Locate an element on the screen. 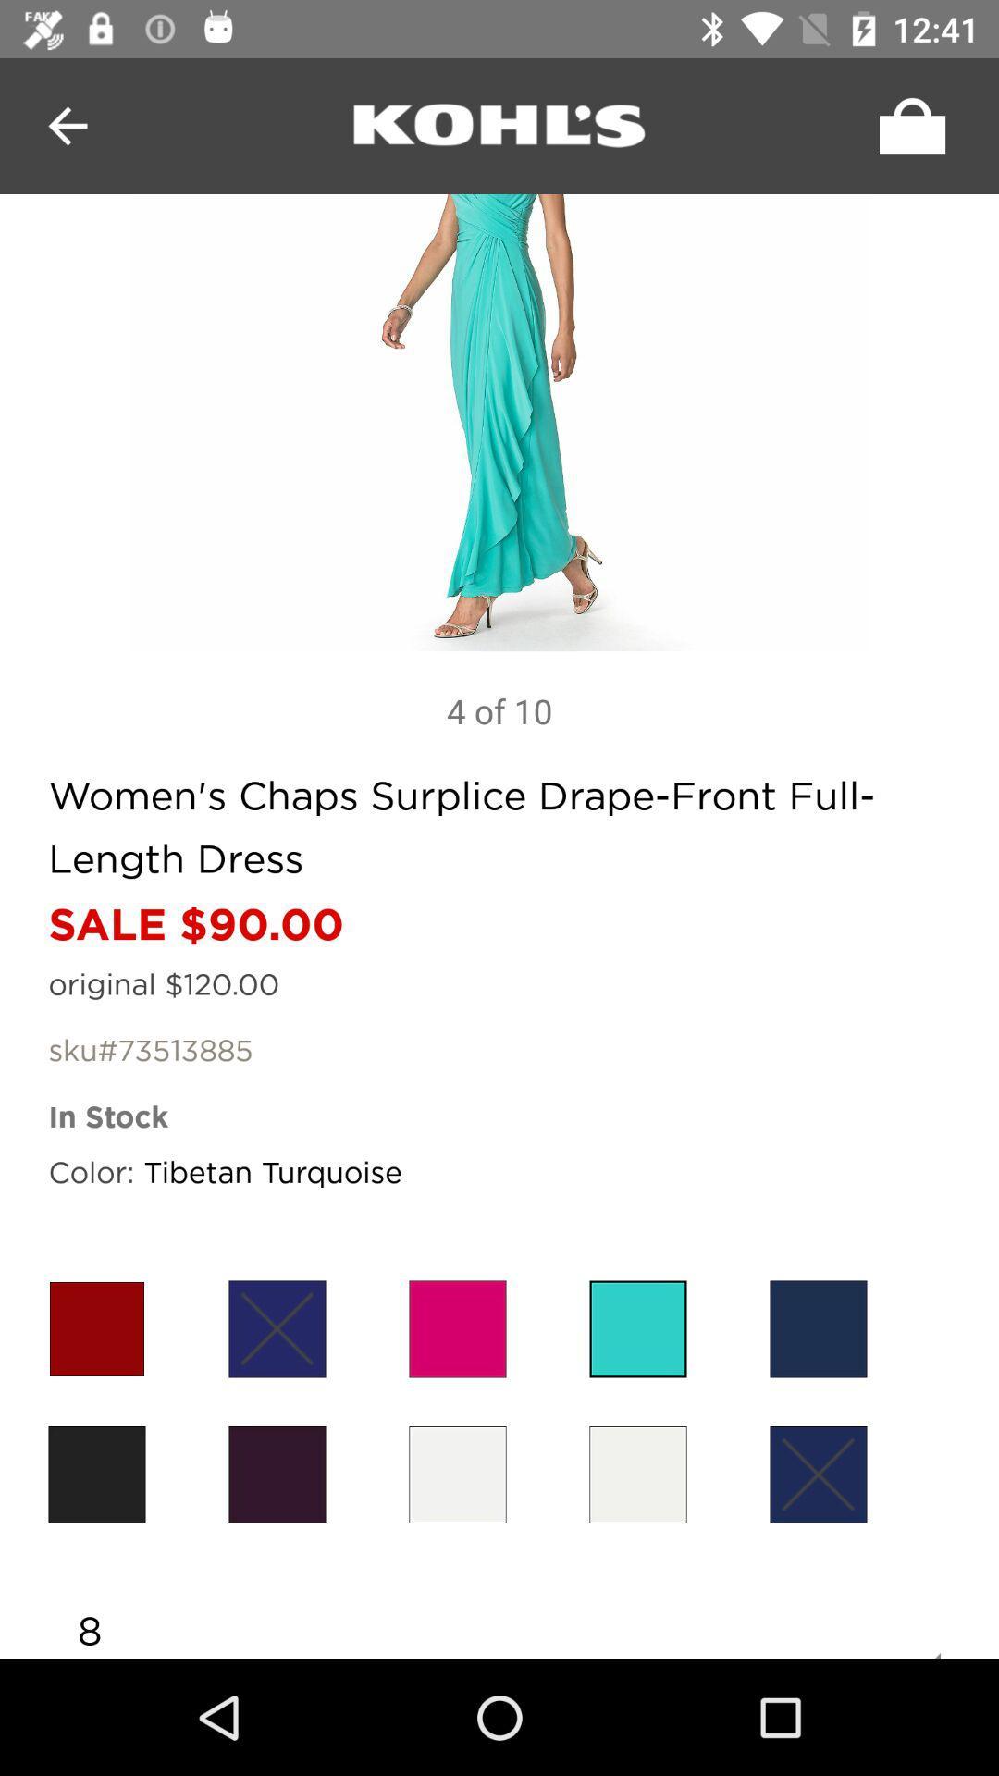 The image size is (999, 1776). to choose the color of dress is located at coordinates (637, 1474).